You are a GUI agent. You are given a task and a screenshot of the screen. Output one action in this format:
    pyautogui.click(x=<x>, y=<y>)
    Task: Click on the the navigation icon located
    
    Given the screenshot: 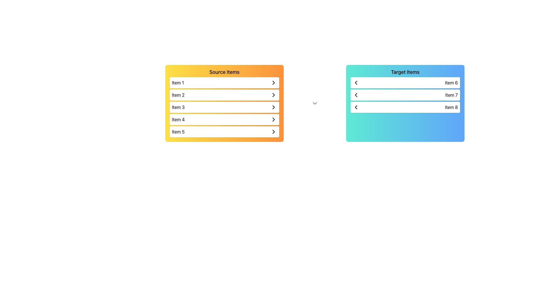 What is the action you would take?
    pyautogui.click(x=273, y=94)
    